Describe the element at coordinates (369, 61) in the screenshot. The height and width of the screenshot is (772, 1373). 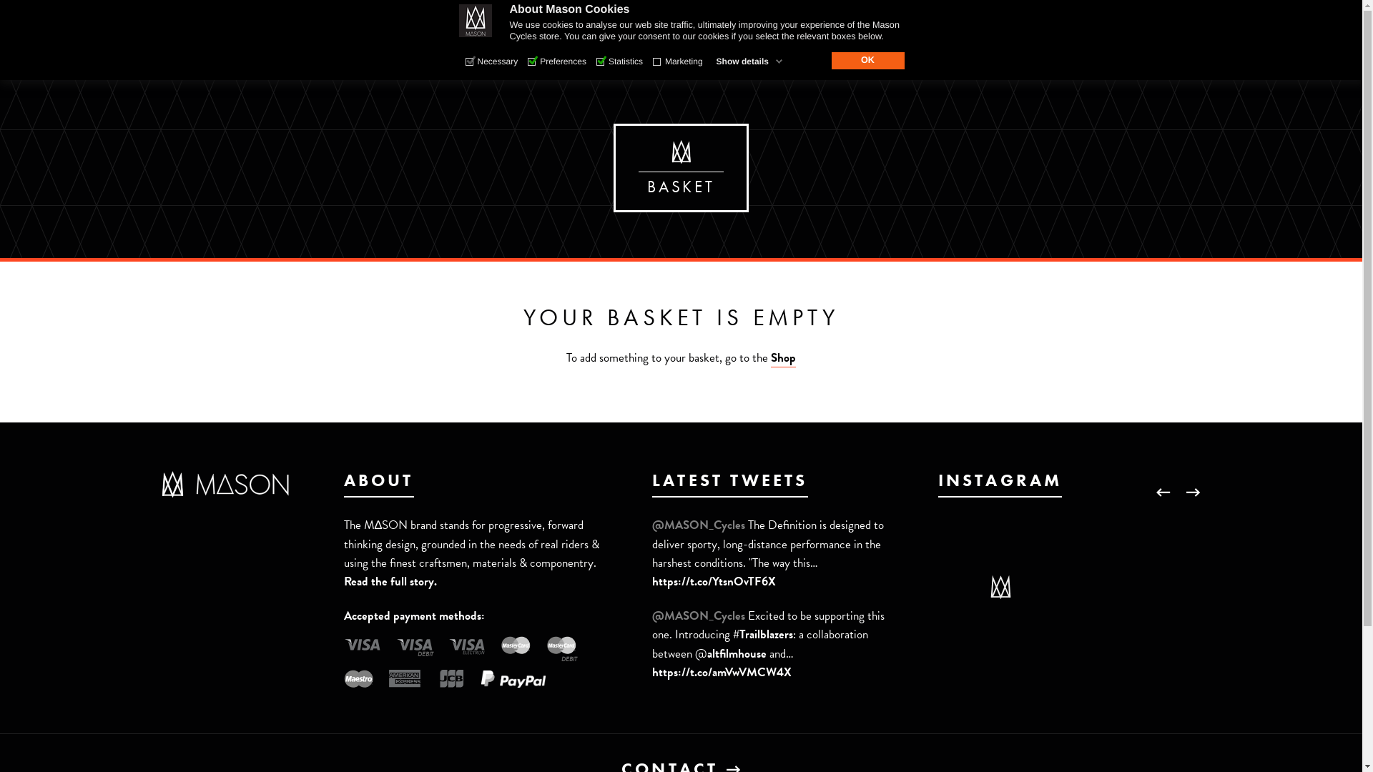
I see `'ALL'` at that location.